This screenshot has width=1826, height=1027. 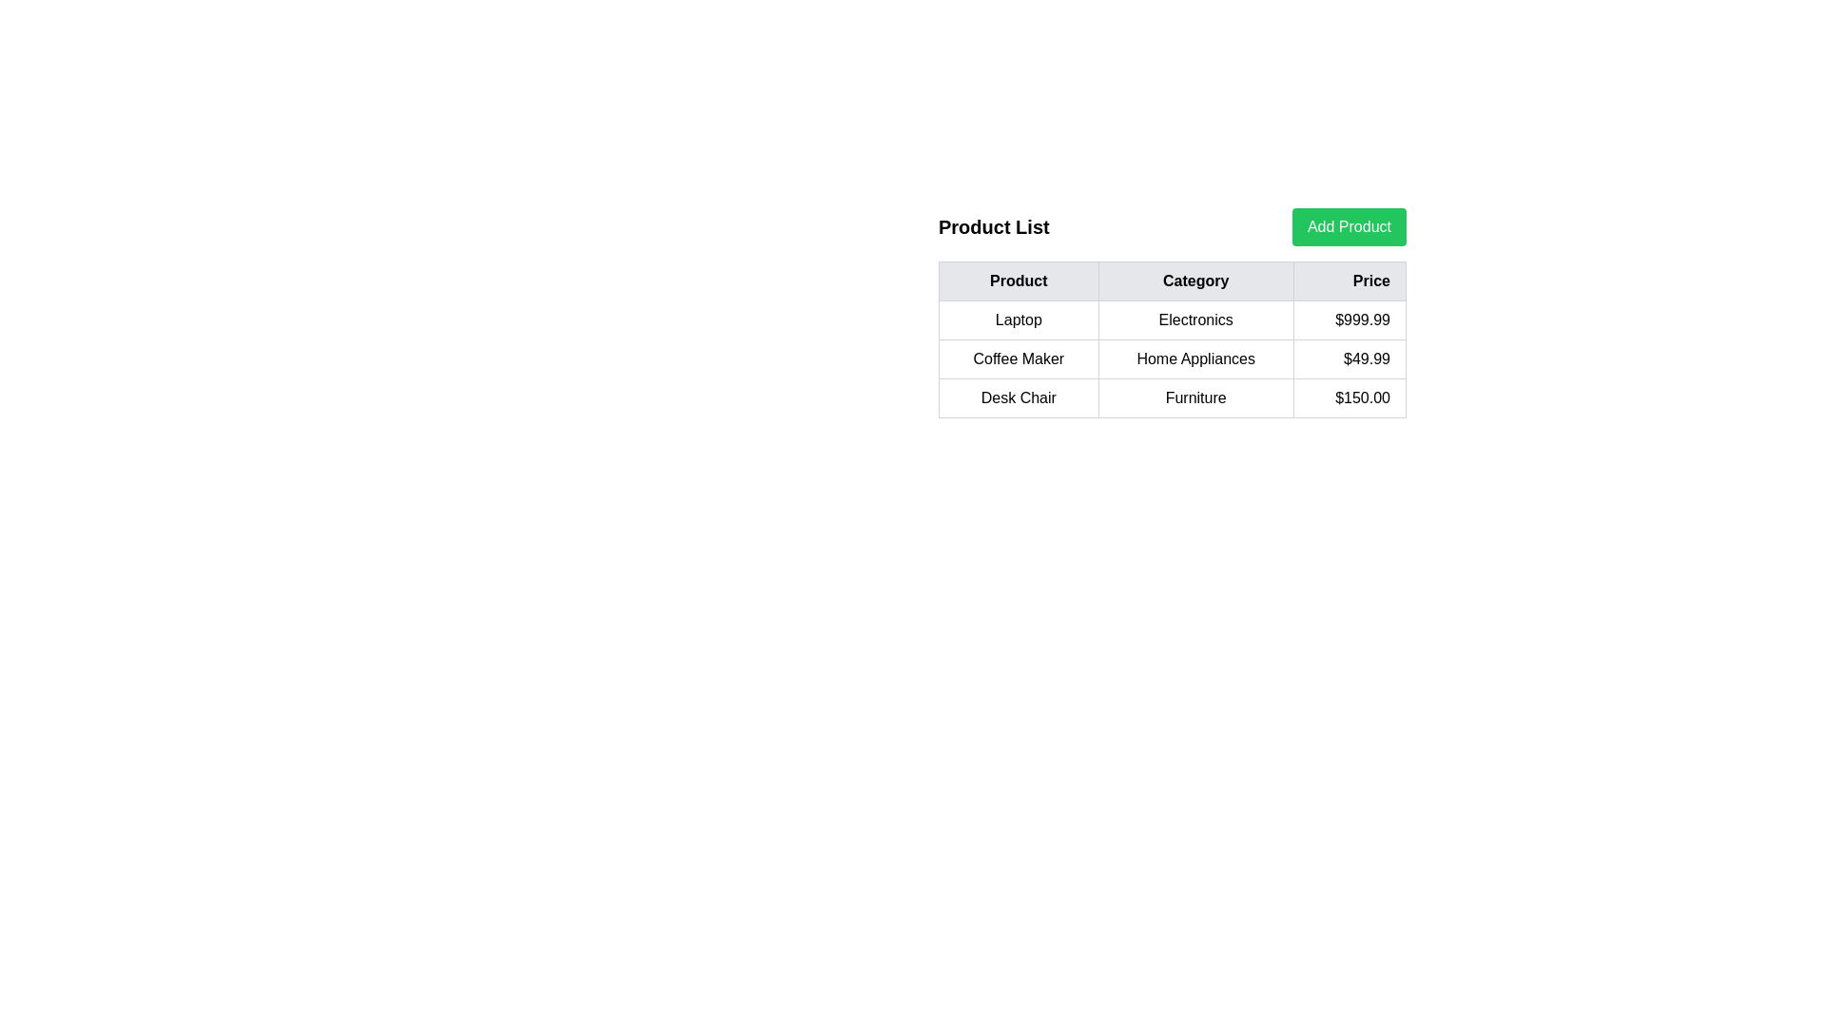 What do you see at coordinates (1195, 359) in the screenshot?
I see `the table cell in the second row and second column of the 'Product List' table, which displays the product category between 'Coffee Maker' and '$49.99'` at bounding box center [1195, 359].